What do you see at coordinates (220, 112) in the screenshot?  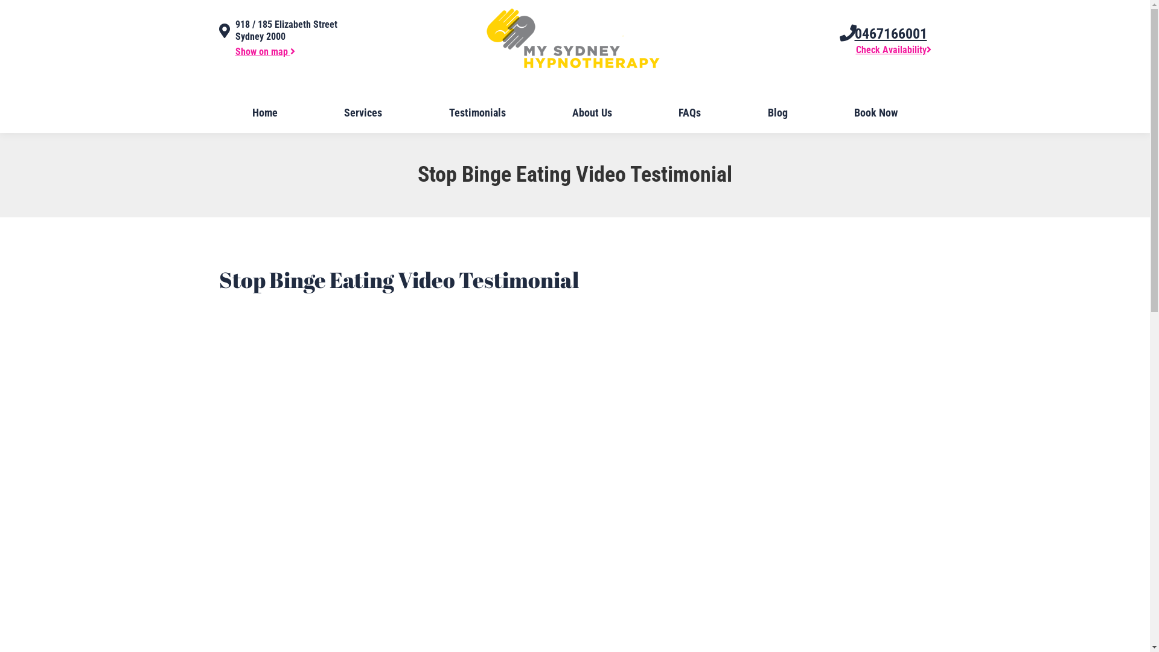 I see `'Home'` at bounding box center [220, 112].